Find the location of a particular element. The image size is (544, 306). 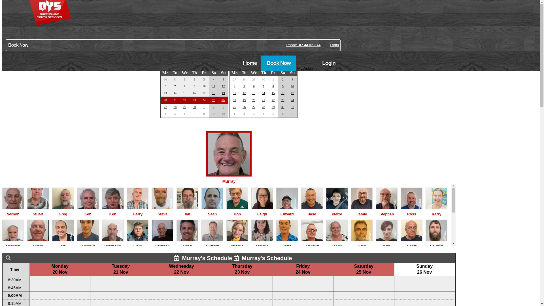

'Kerry' is located at coordinates (436, 211).